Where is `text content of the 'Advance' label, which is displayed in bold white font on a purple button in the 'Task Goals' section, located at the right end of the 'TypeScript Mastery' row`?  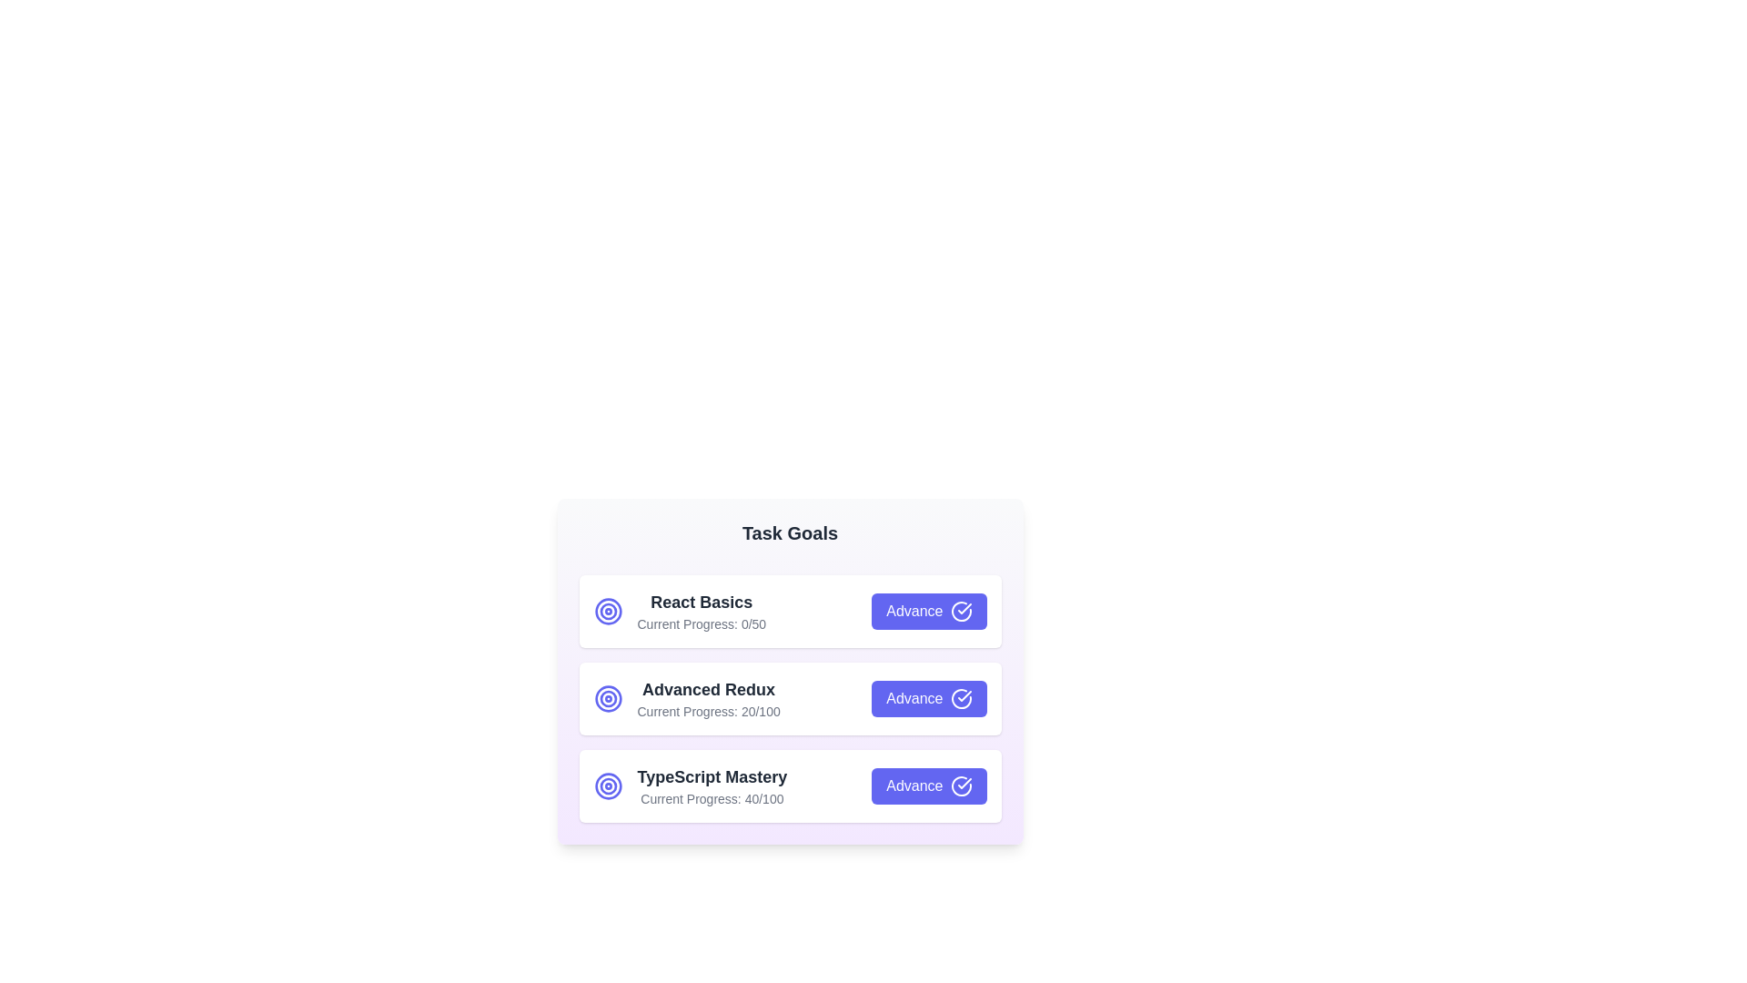 text content of the 'Advance' label, which is displayed in bold white font on a purple button in the 'Task Goals' section, located at the right end of the 'TypeScript Mastery' row is located at coordinates (914, 785).